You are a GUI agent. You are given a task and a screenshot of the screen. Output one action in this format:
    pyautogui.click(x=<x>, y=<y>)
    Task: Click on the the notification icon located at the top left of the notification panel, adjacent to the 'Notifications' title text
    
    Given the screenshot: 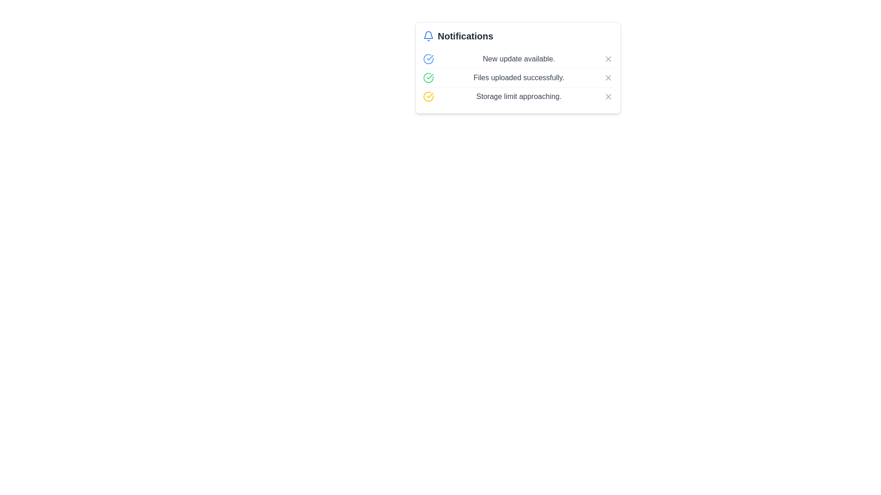 What is the action you would take?
    pyautogui.click(x=428, y=35)
    